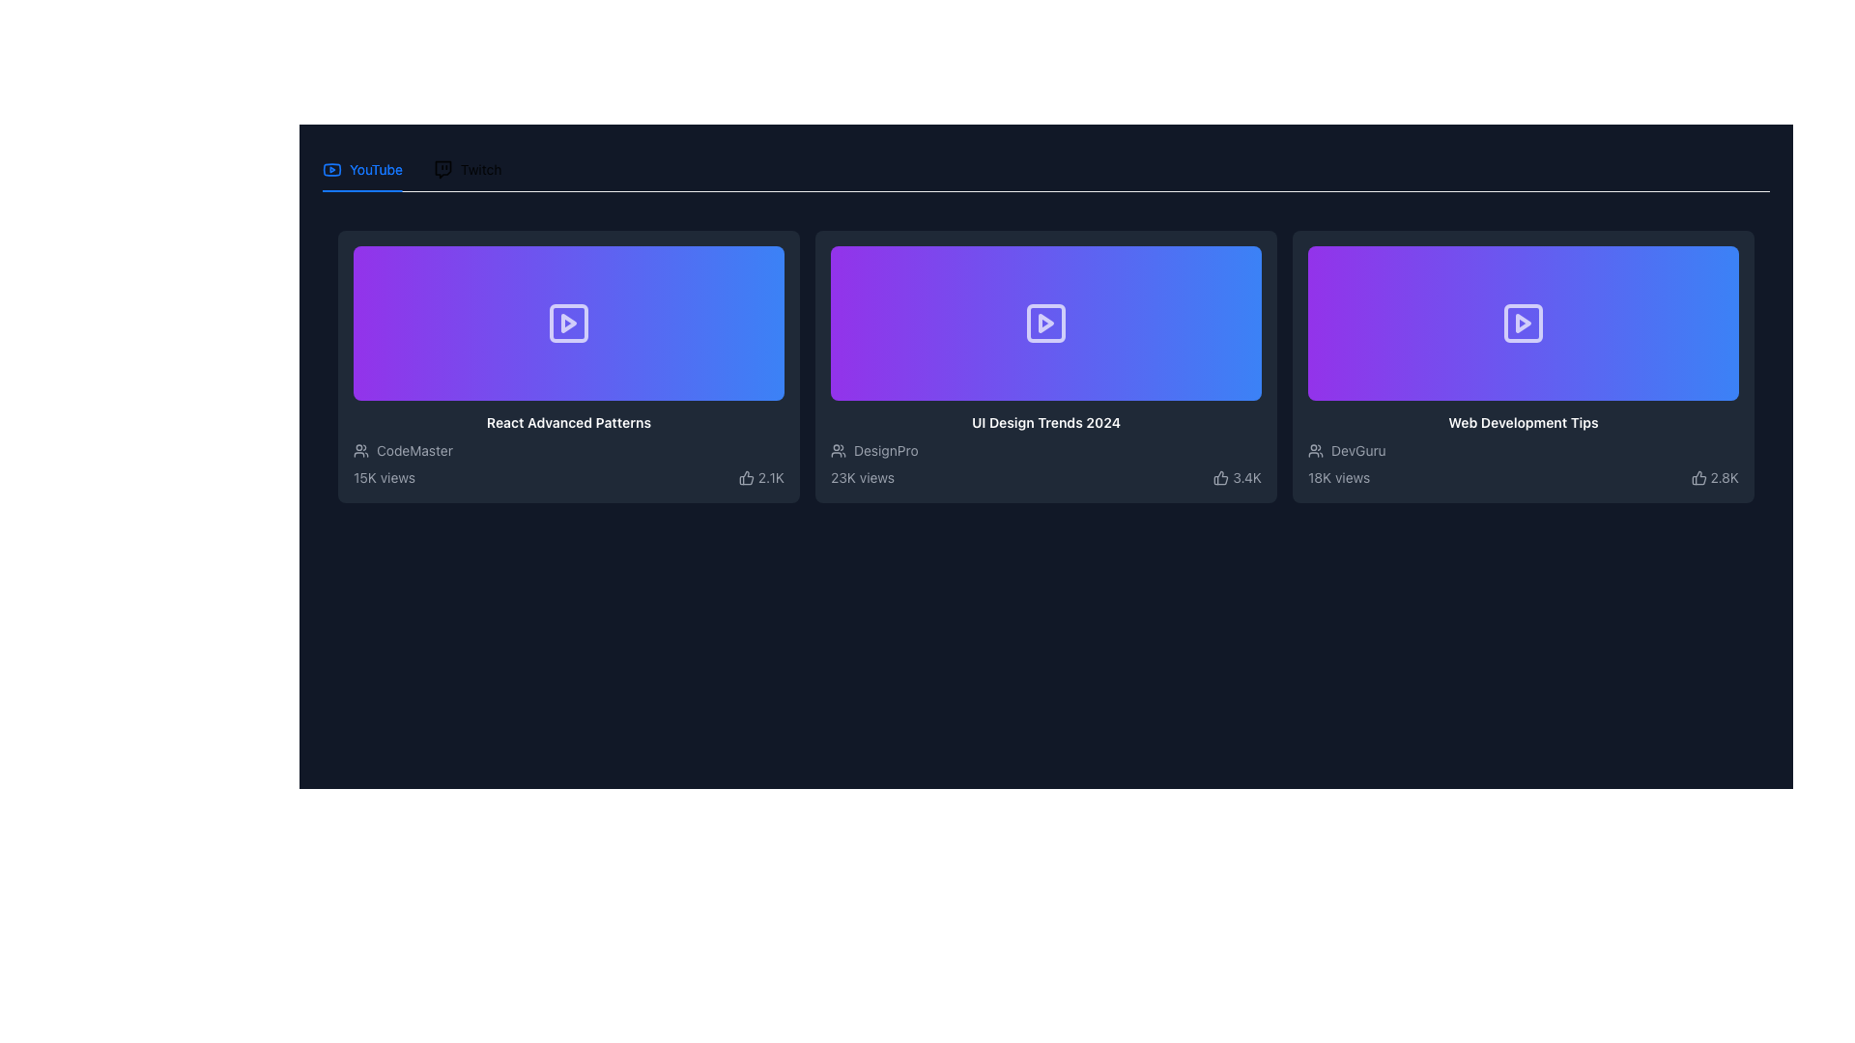 This screenshot has width=1855, height=1043. I want to click on the group icon representing users, so click(361, 450).